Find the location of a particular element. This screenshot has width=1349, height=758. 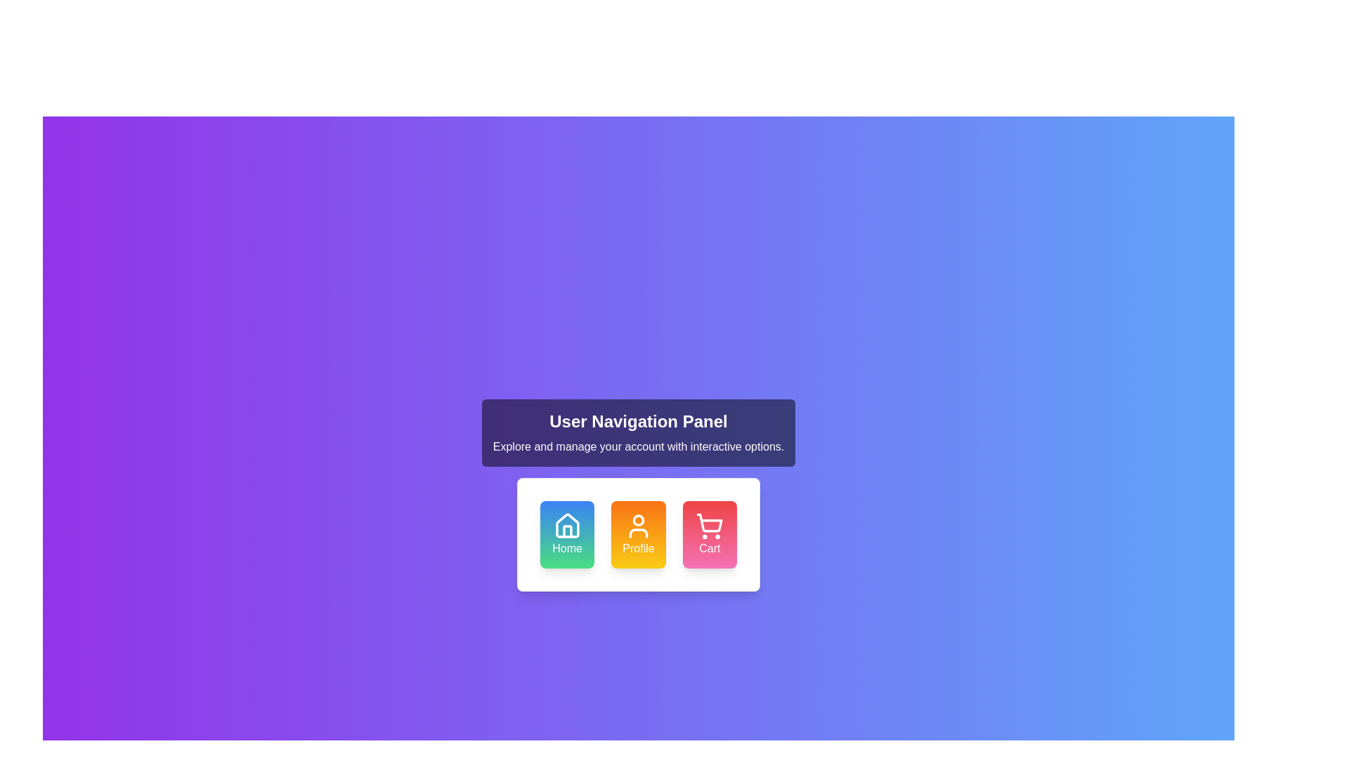

the shopping cart icon located within the 'Cart' button at the bottom right of the User Navigation Panel is located at coordinates (710, 526).